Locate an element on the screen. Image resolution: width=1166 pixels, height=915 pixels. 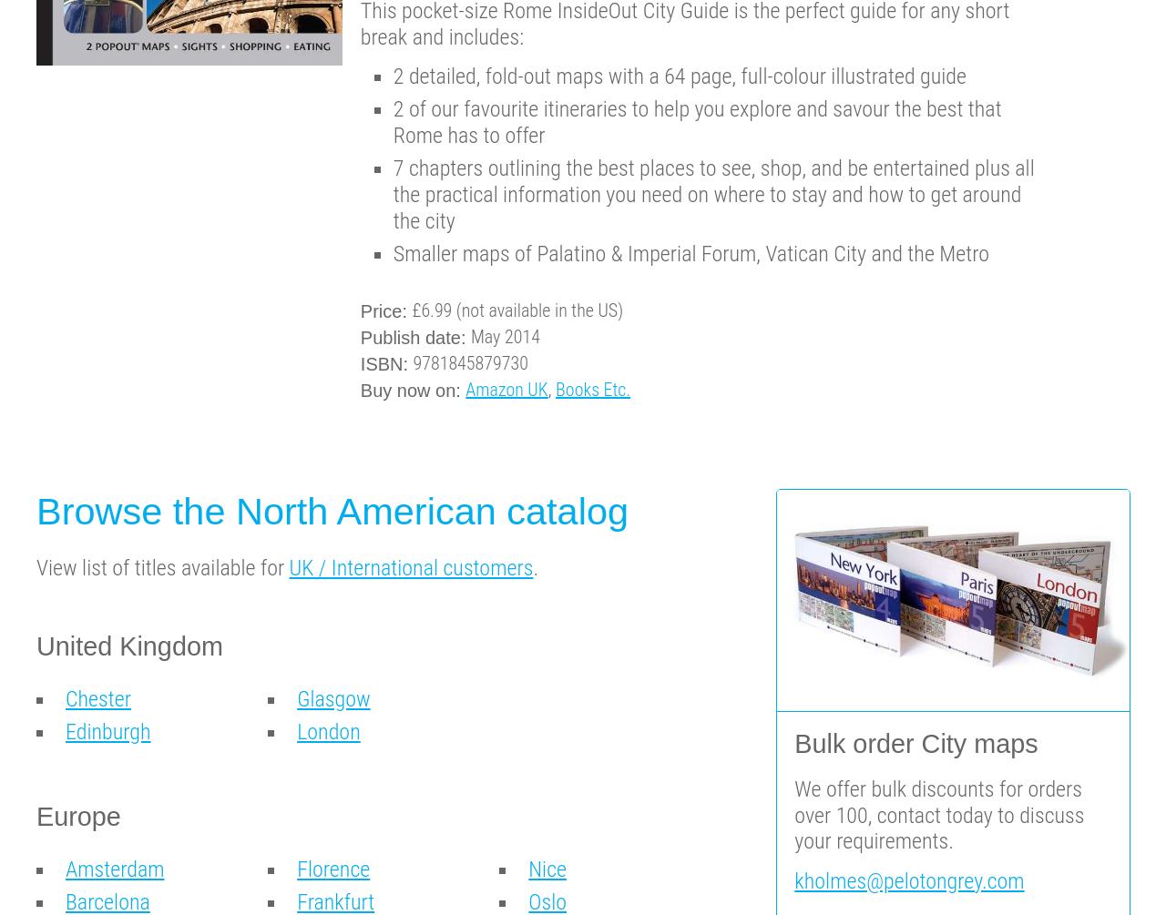
'Books Etc.' is located at coordinates (593, 389).